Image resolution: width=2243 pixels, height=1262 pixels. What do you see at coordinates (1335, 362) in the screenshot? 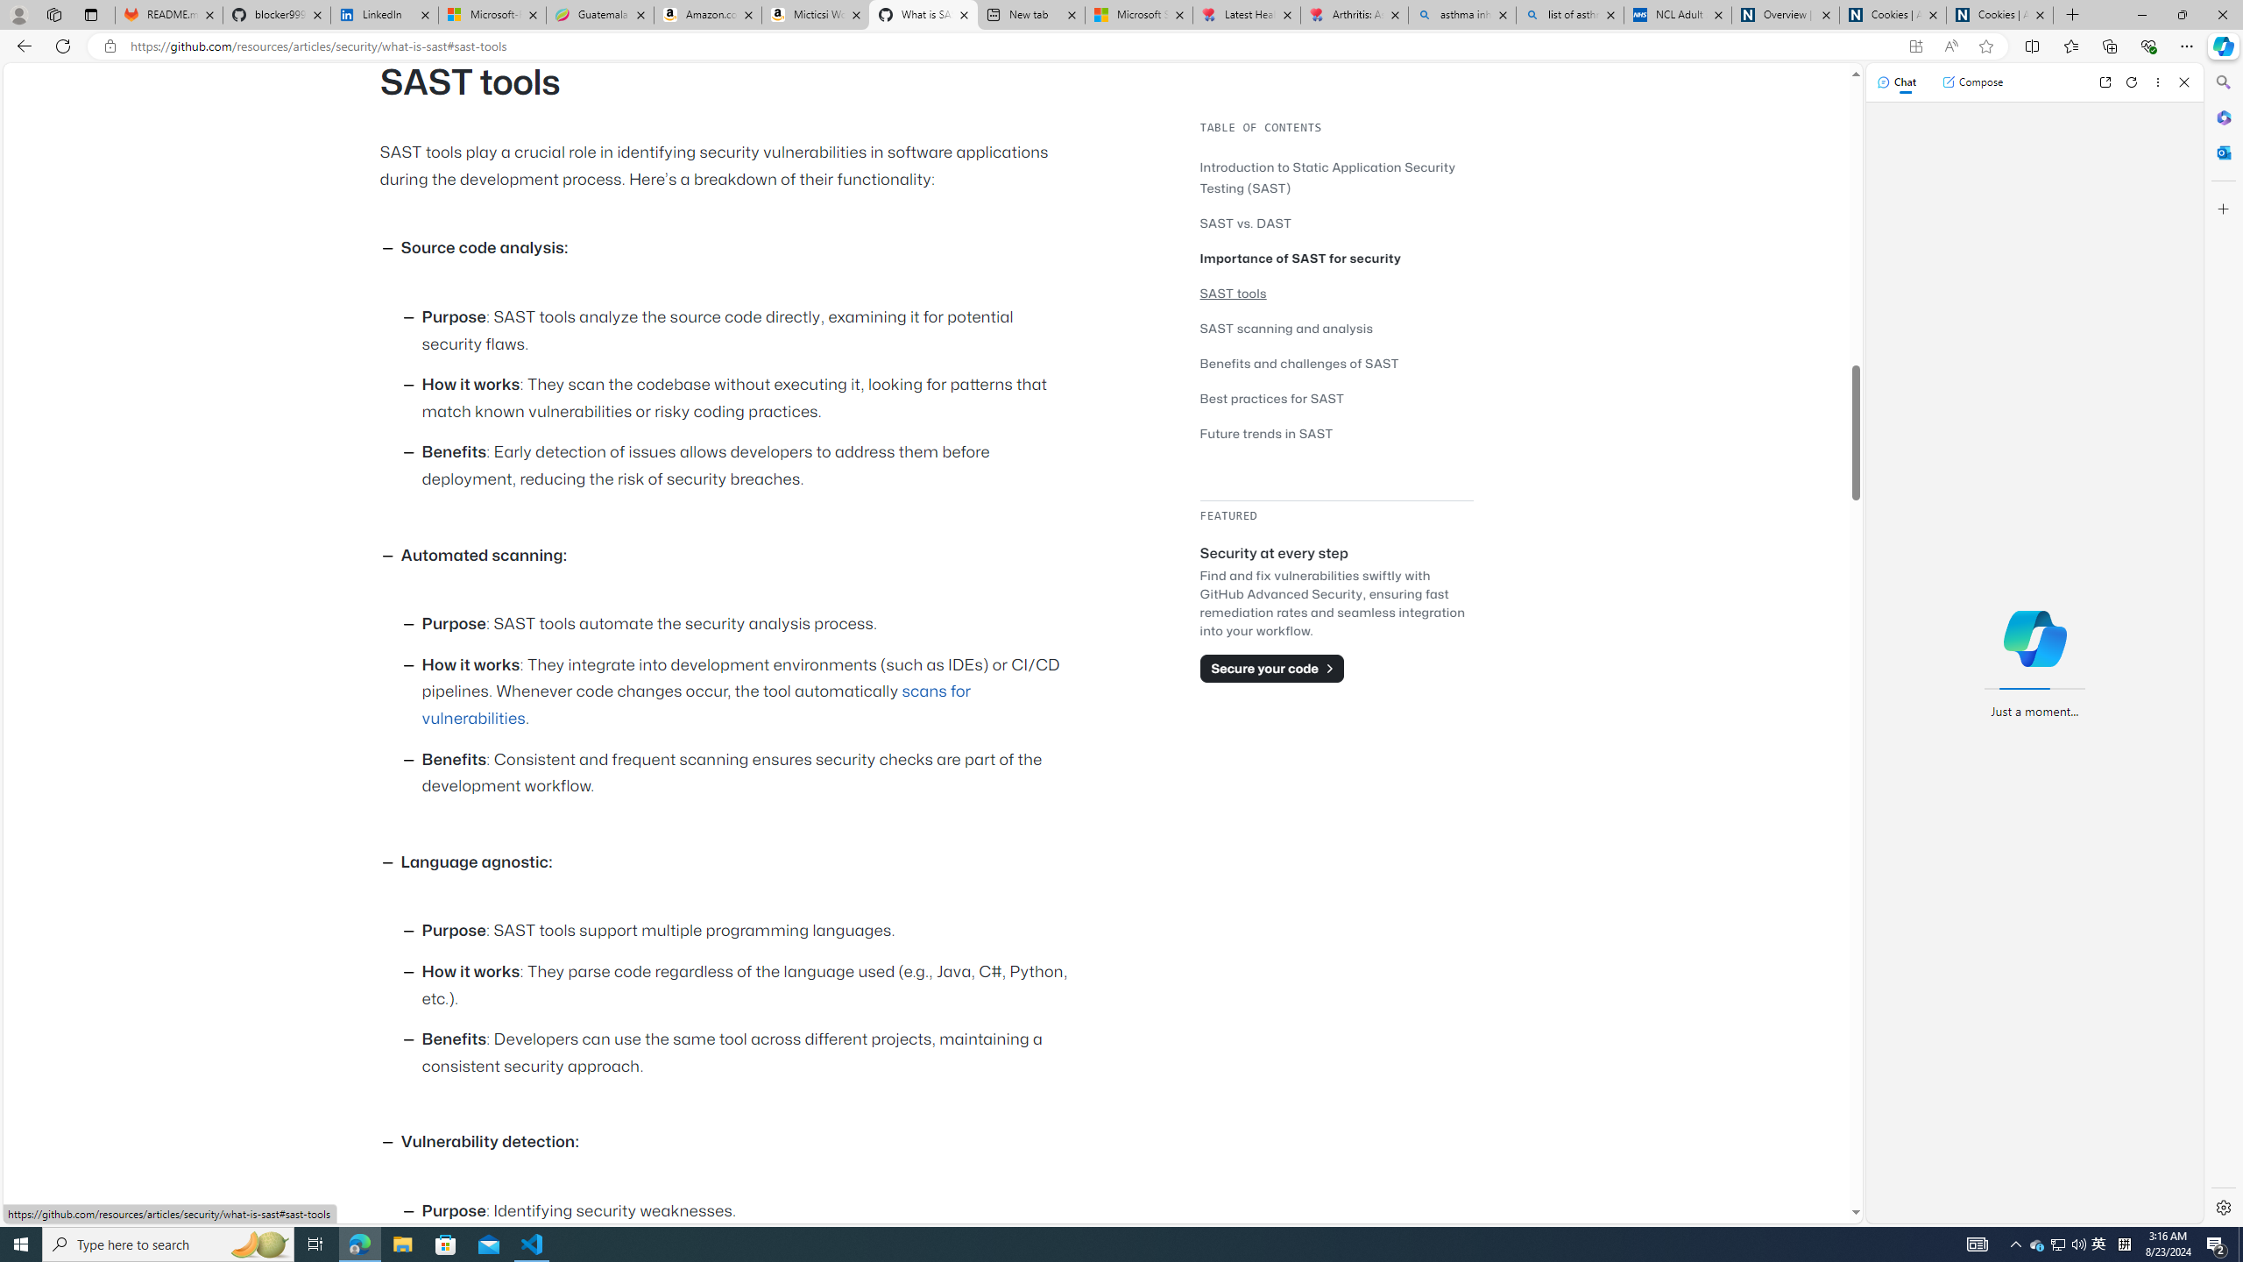
I see `'Benefits and challenges of SAST'` at bounding box center [1335, 362].